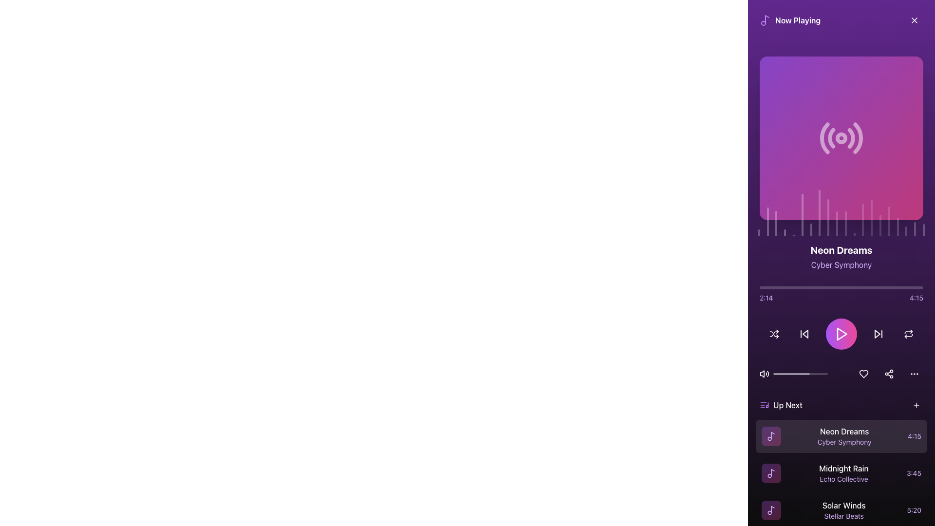  I want to click on the small left-pointing arrow-like shape within the 'Skip Back' control icon, so click(805, 334).